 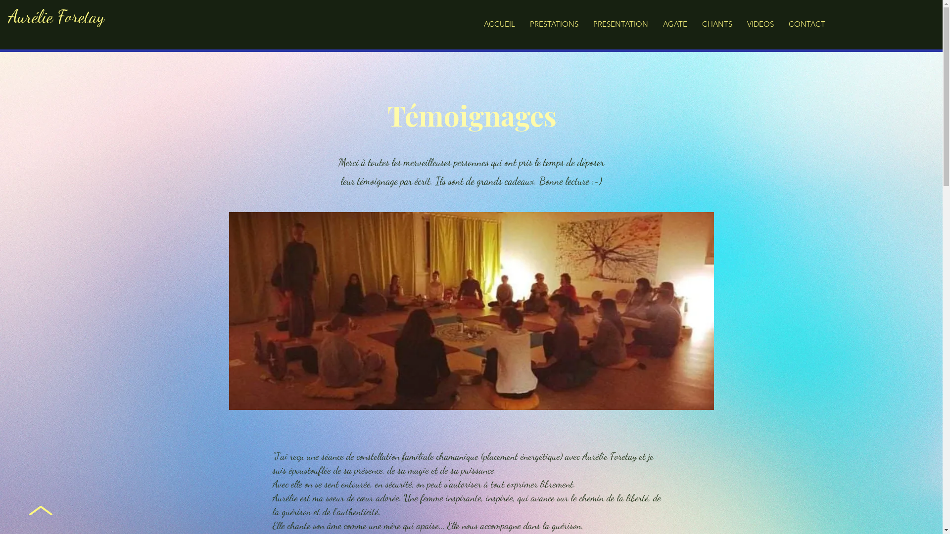 What do you see at coordinates (760, 24) in the screenshot?
I see `'VIDEOS'` at bounding box center [760, 24].